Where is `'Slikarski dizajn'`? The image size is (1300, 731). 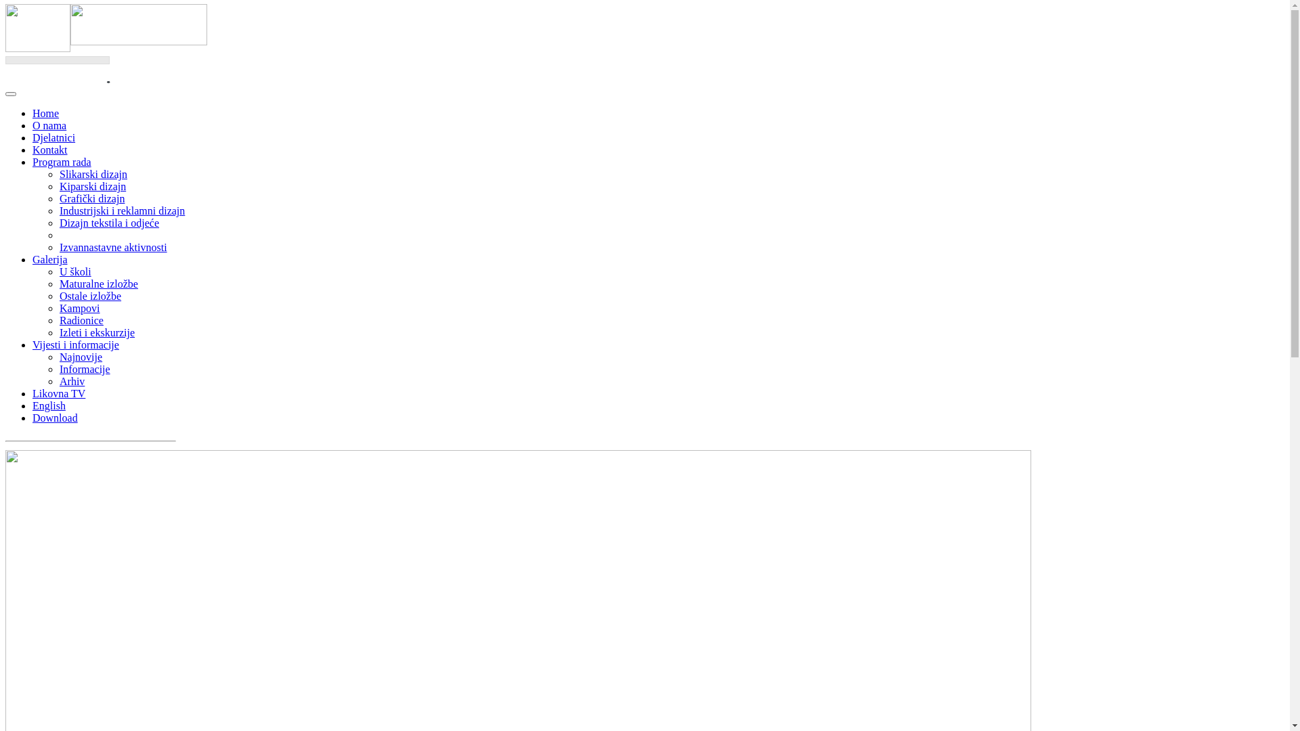
'Slikarski dizajn' is located at coordinates (93, 173).